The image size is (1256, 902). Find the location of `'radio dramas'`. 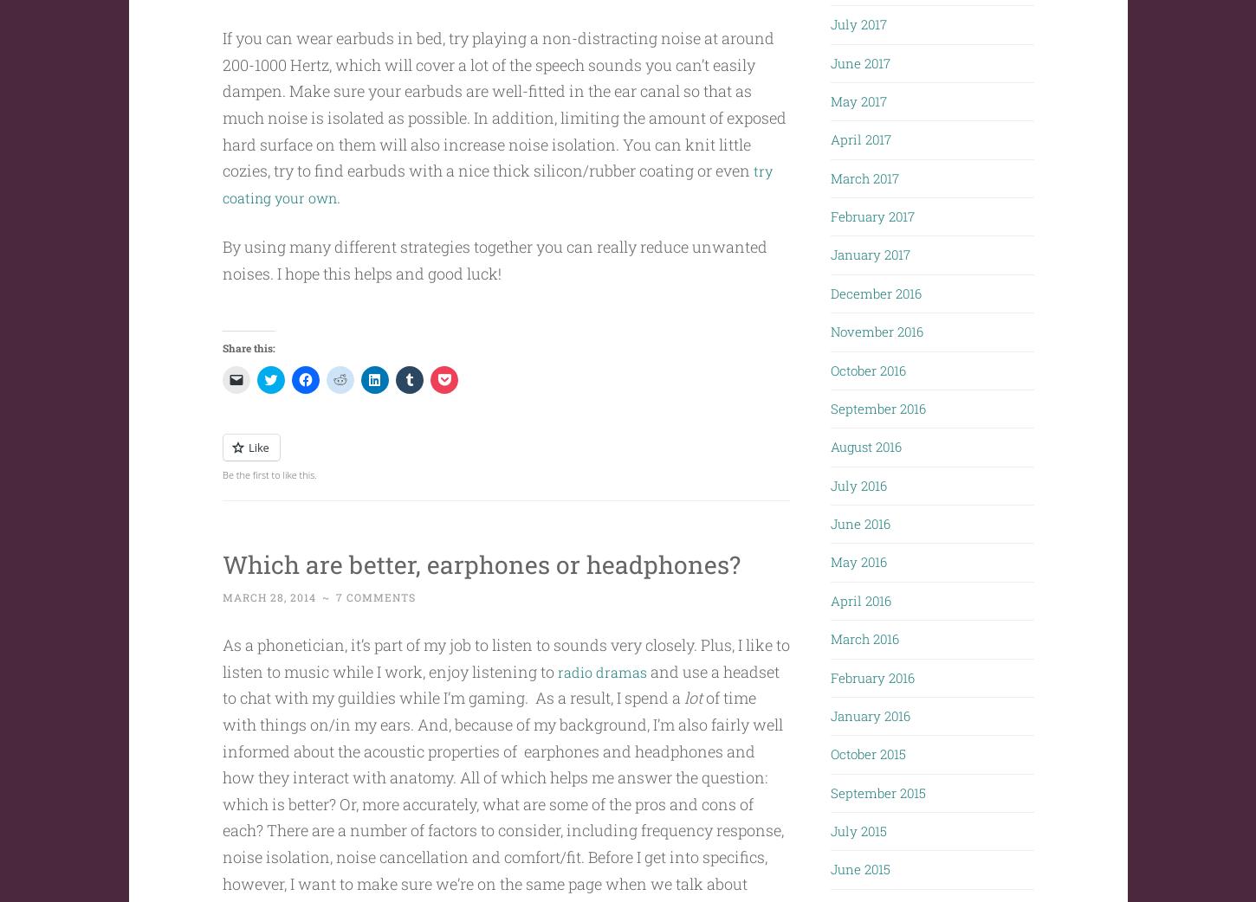

'radio dramas' is located at coordinates (605, 705).